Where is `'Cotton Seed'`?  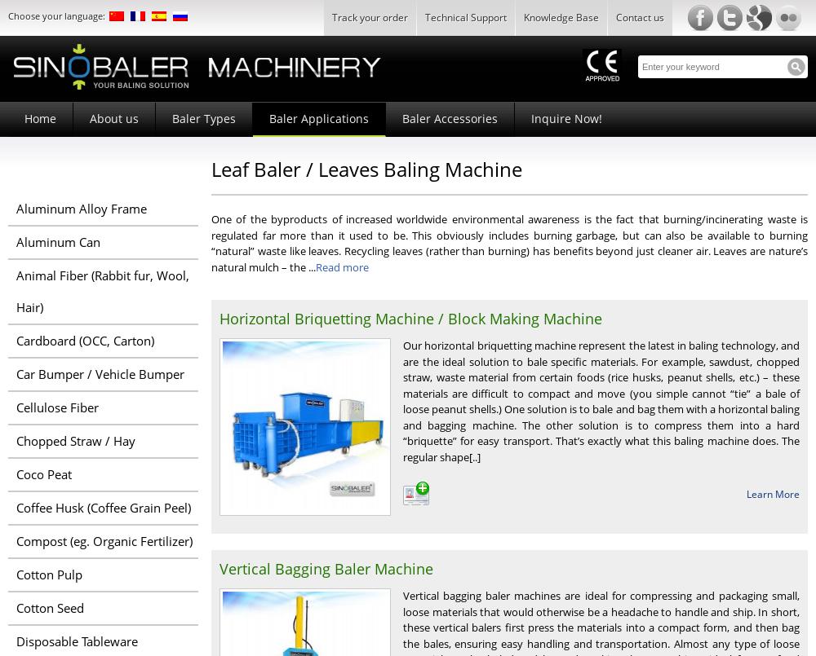
'Cotton Seed' is located at coordinates (16, 607).